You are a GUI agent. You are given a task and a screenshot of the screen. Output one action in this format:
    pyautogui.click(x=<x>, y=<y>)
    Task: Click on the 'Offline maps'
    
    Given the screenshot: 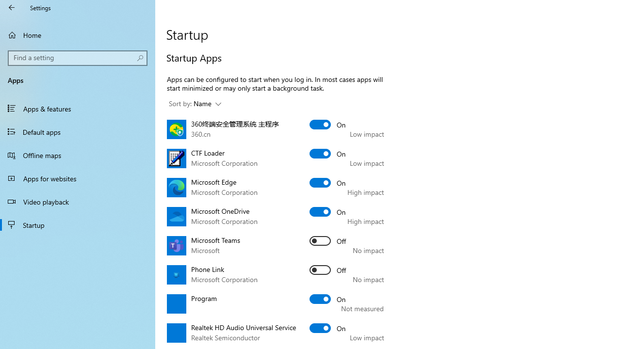 What is the action you would take?
    pyautogui.click(x=78, y=155)
    